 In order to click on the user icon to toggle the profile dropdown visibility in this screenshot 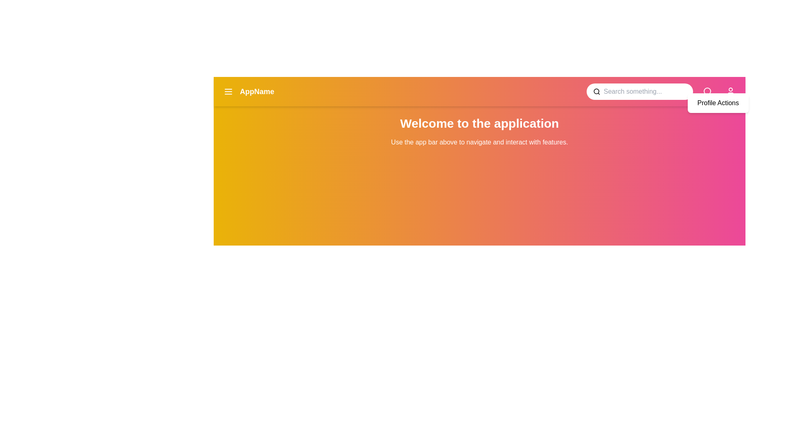, I will do `click(731, 91)`.